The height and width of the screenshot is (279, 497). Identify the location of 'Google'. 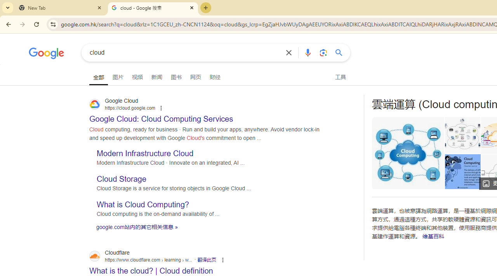
(46, 53).